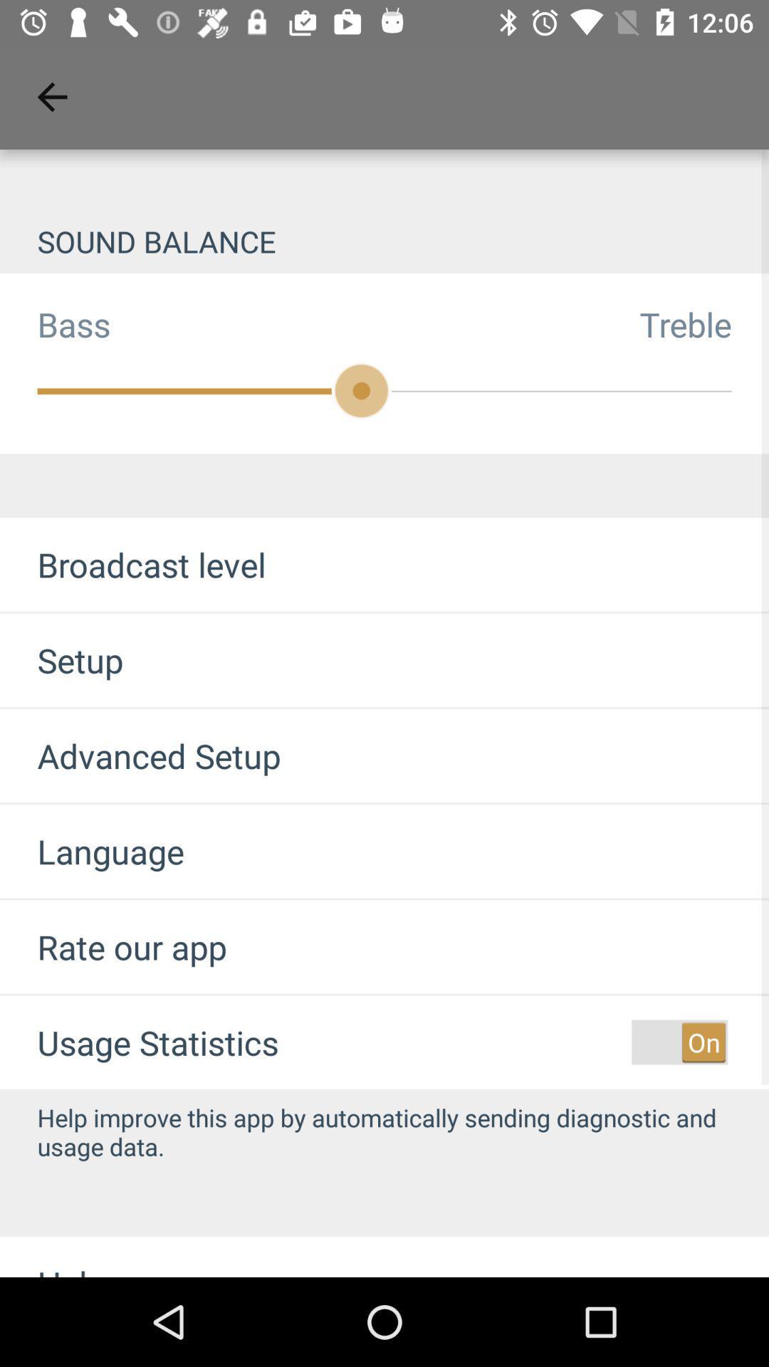 This screenshot has width=769, height=1367. What do you see at coordinates (113, 947) in the screenshot?
I see `icon above the usage statistics item` at bounding box center [113, 947].